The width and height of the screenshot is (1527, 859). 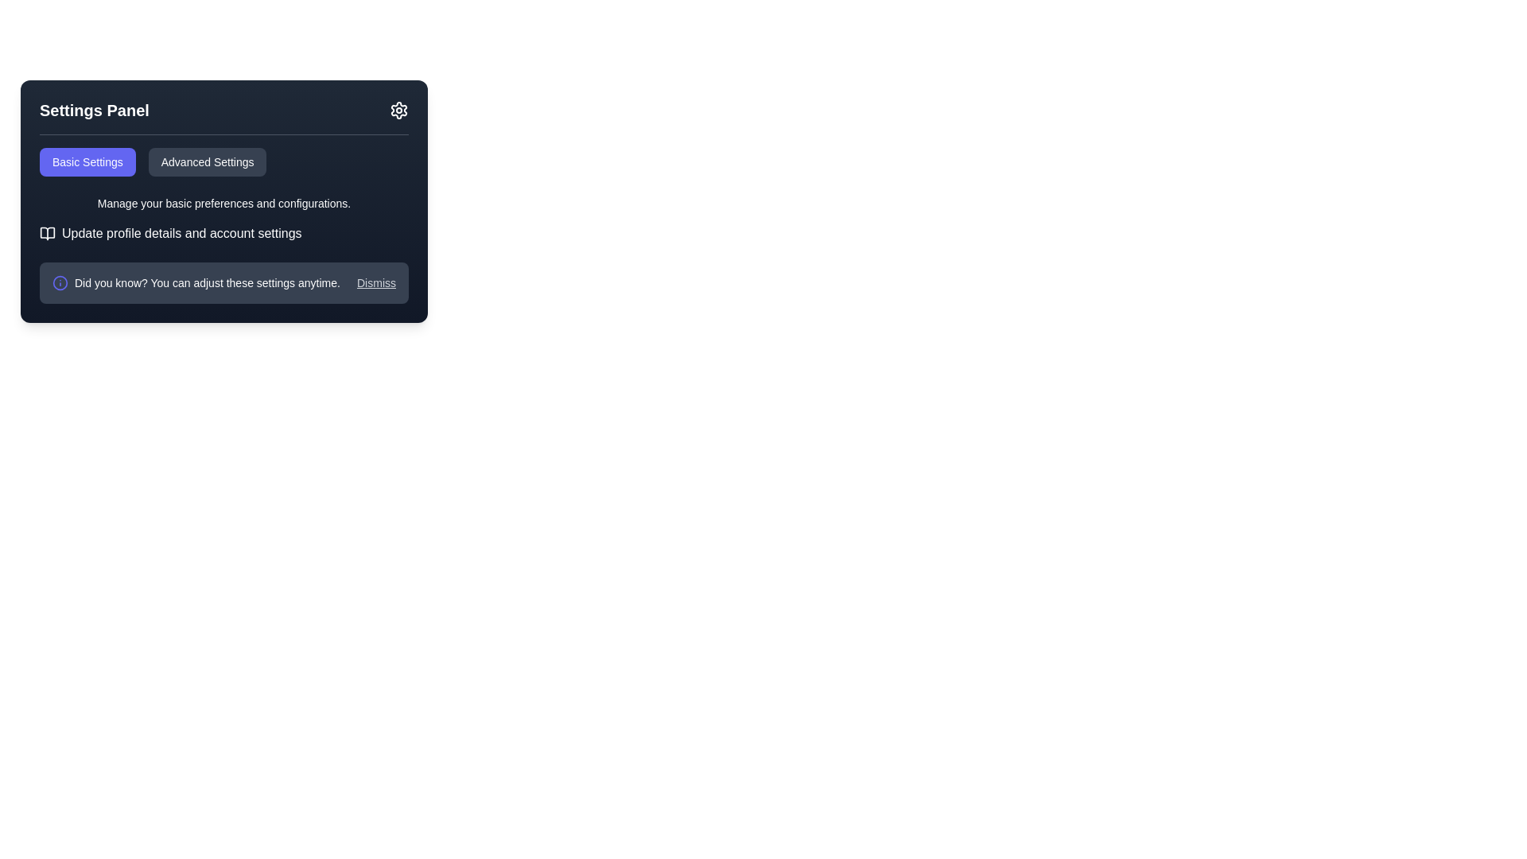 I want to click on the first button in the horizontal pair within the 'Settings Panel', so click(x=87, y=162).